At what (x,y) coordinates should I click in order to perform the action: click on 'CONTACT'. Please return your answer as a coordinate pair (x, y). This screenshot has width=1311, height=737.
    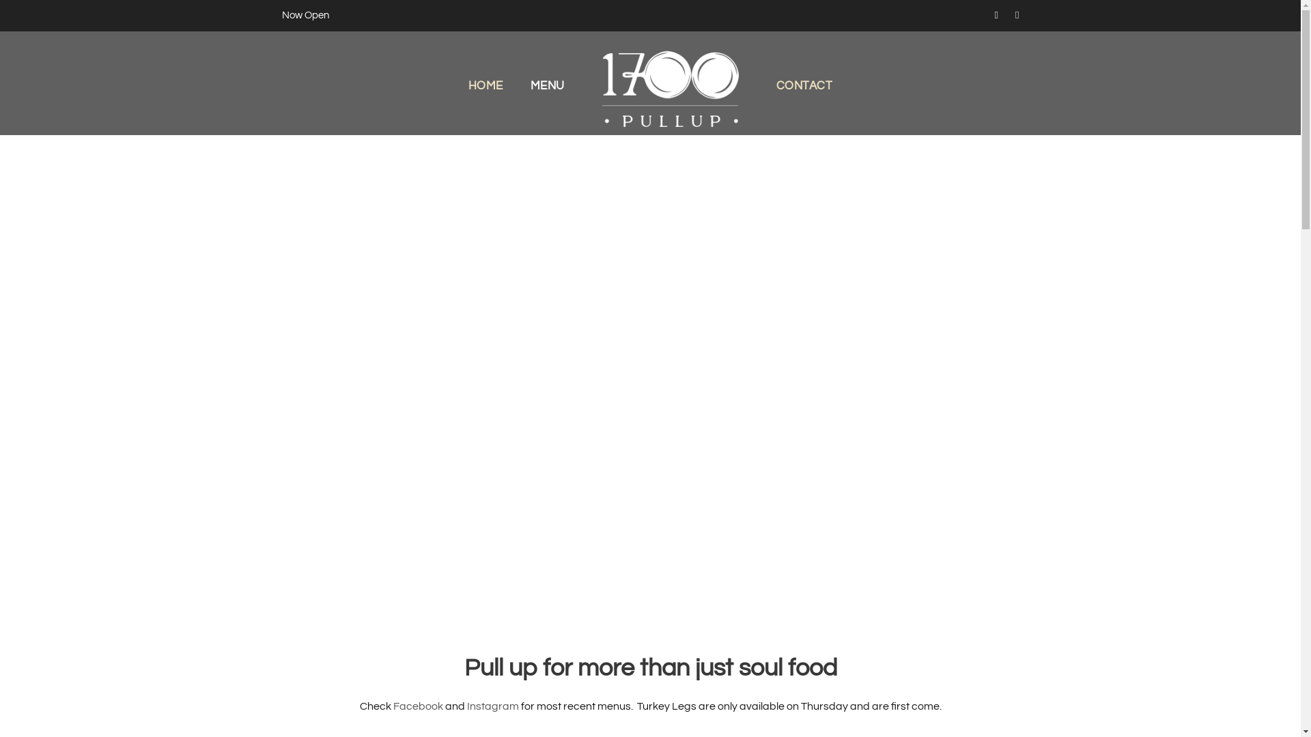
    Looking at the image, I should click on (804, 105).